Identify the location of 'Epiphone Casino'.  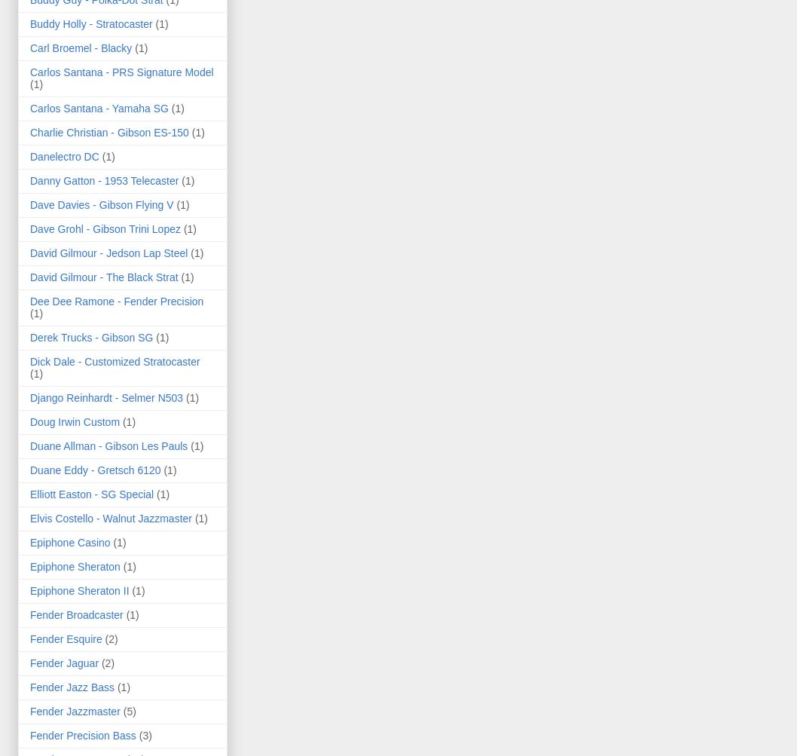
(69, 540).